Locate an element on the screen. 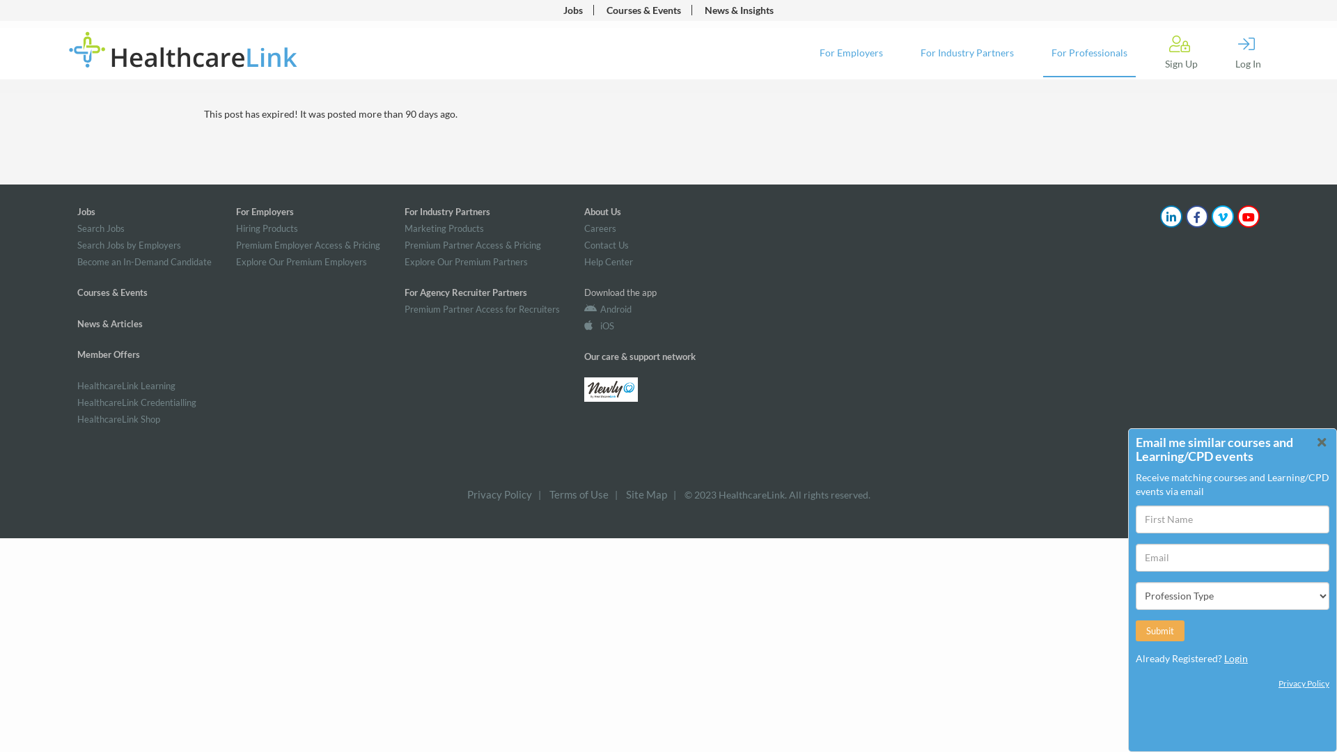 This screenshot has width=1337, height=752. 'Site Map' is located at coordinates (645, 493).